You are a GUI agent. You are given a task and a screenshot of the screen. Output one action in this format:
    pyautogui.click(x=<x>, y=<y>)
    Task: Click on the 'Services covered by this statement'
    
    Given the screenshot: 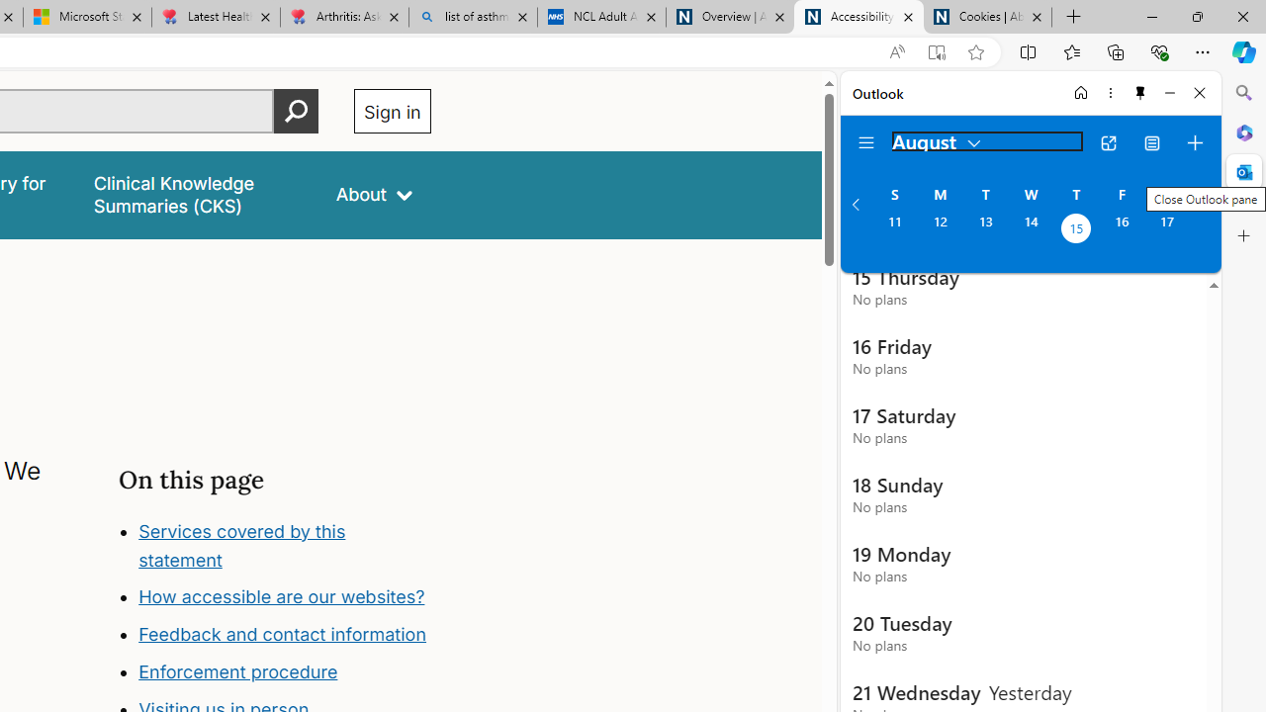 What is the action you would take?
    pyautogui.click(x=240, y=545)
    